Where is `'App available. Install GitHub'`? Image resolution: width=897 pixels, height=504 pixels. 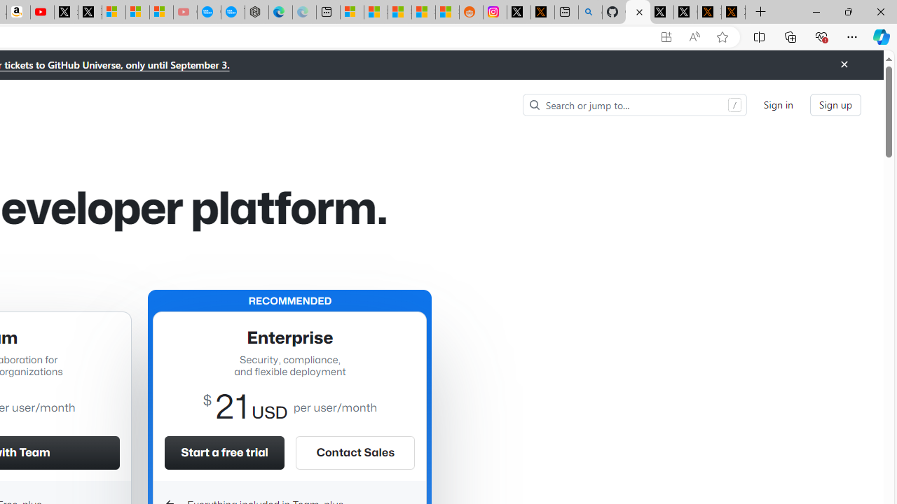 'App available. Install GitHub' is located at coordinates (666, 36).